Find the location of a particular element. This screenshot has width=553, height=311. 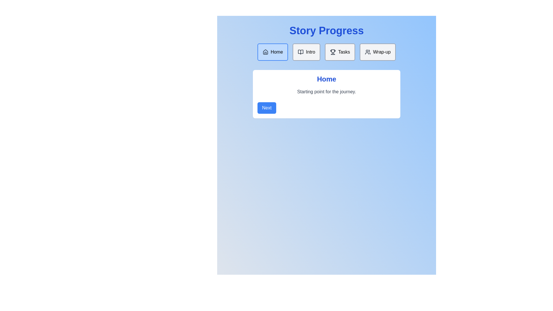

the navigation button corresponding to Tasks is located at coordinates (340, 52).